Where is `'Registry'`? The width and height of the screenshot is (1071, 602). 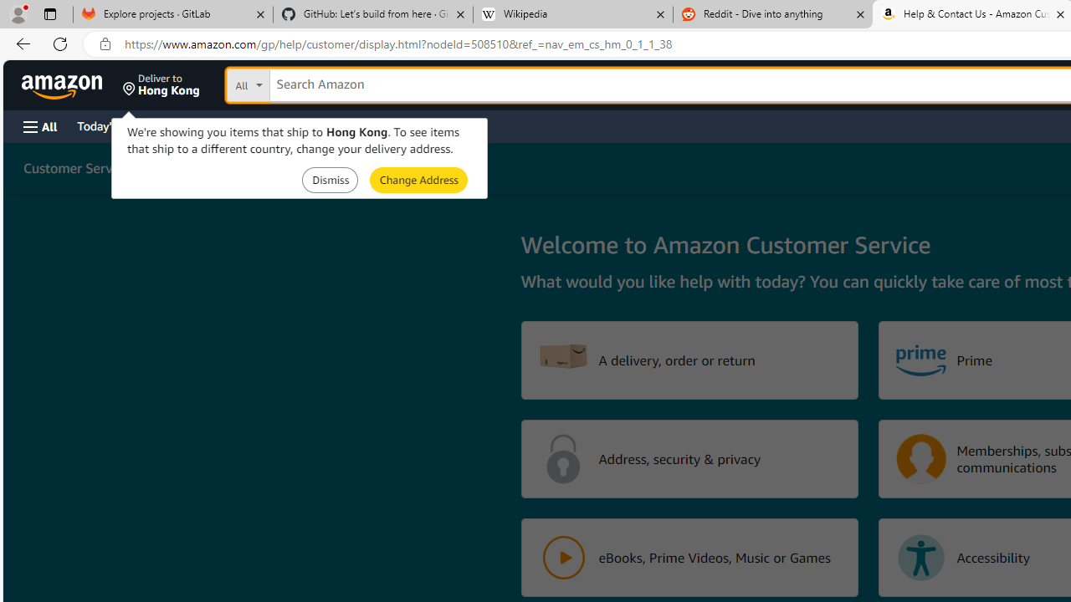 'Registry' is located at coordinates (301, 125).